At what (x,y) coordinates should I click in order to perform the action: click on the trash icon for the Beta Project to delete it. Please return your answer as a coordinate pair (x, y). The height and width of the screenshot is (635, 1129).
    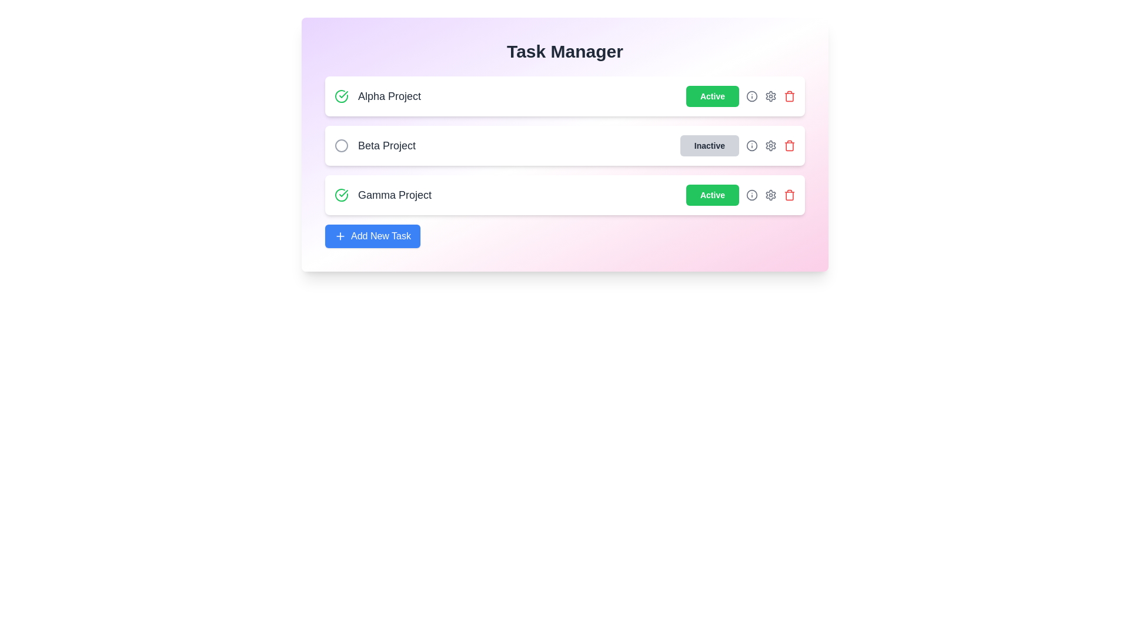
    Looking at the image, I should click on (790, 145).